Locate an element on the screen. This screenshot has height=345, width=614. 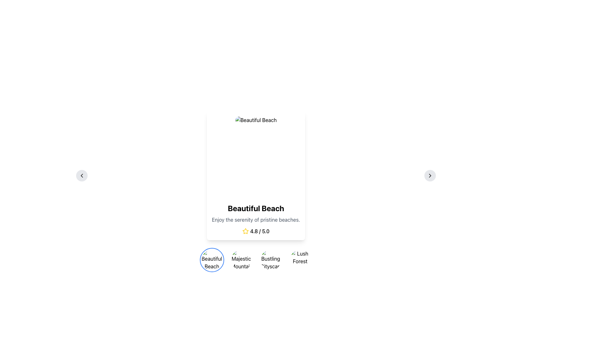
the chevron arrow SVG icon, which signifies navigation and is located towards the center of the page layout is located at coordinates (430, 176).